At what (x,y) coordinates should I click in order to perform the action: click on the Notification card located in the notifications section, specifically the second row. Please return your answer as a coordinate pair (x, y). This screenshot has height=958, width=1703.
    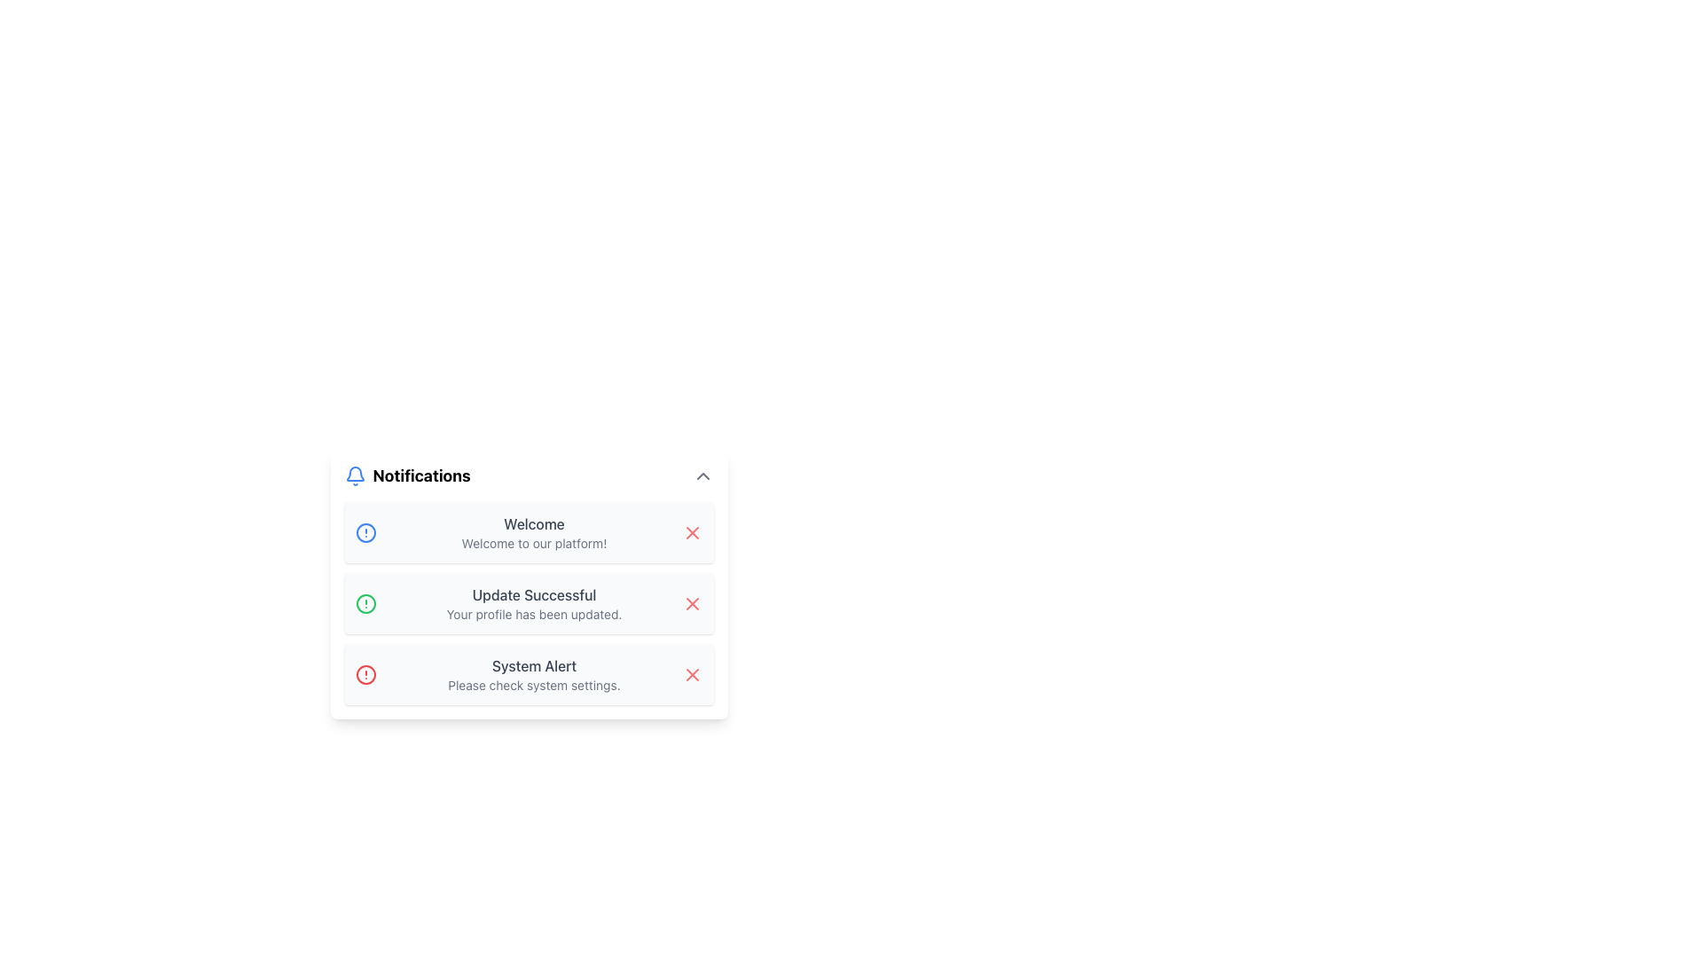
    Looking at the image, I should click on (528, 603).